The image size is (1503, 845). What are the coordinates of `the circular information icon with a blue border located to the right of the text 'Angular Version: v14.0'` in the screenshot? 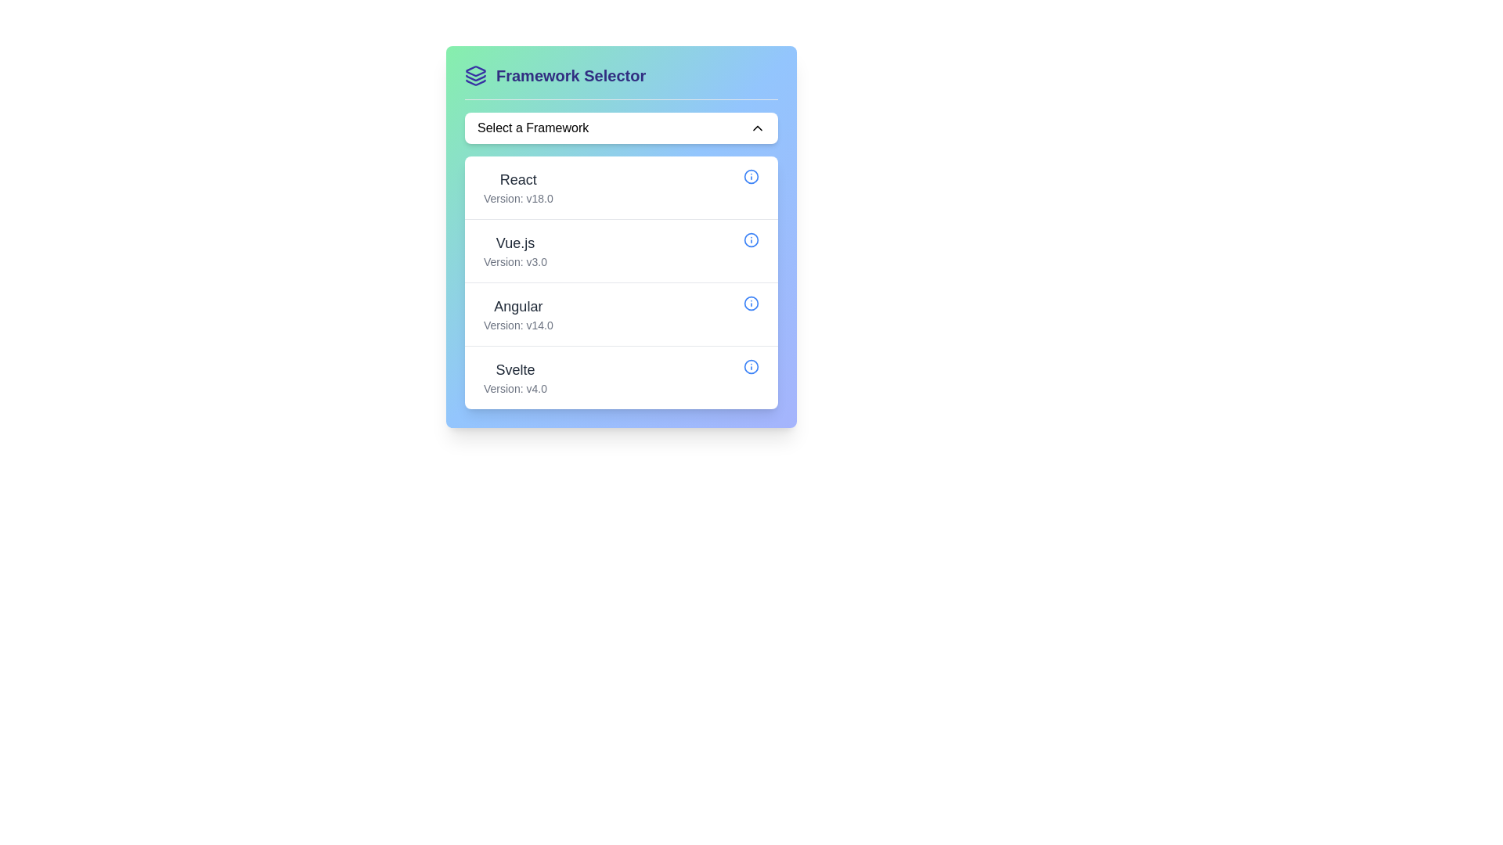 It's located at (751, 304).